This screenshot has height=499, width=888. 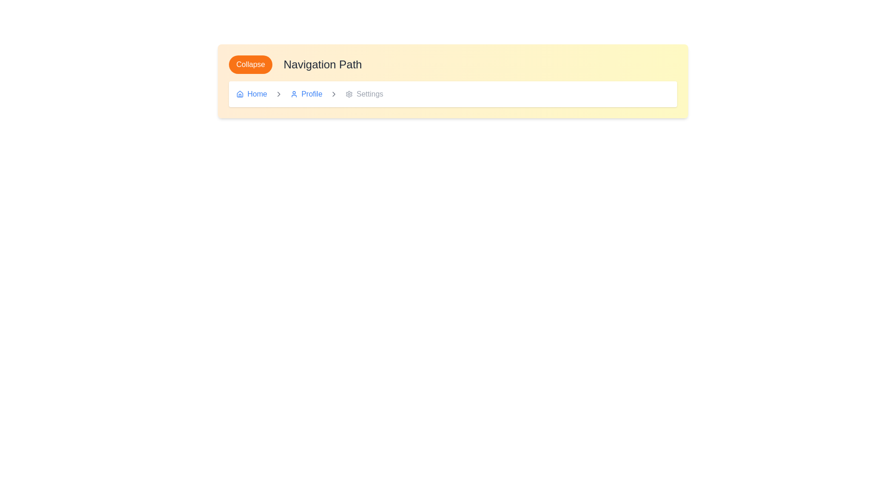 What do you see at coordinates (278, 94) in the screenshot?
I see `right-pointing chevron icon located in the navigation bar between the 'Home' and 'Profile' labels` at bounding box center [278, 94].